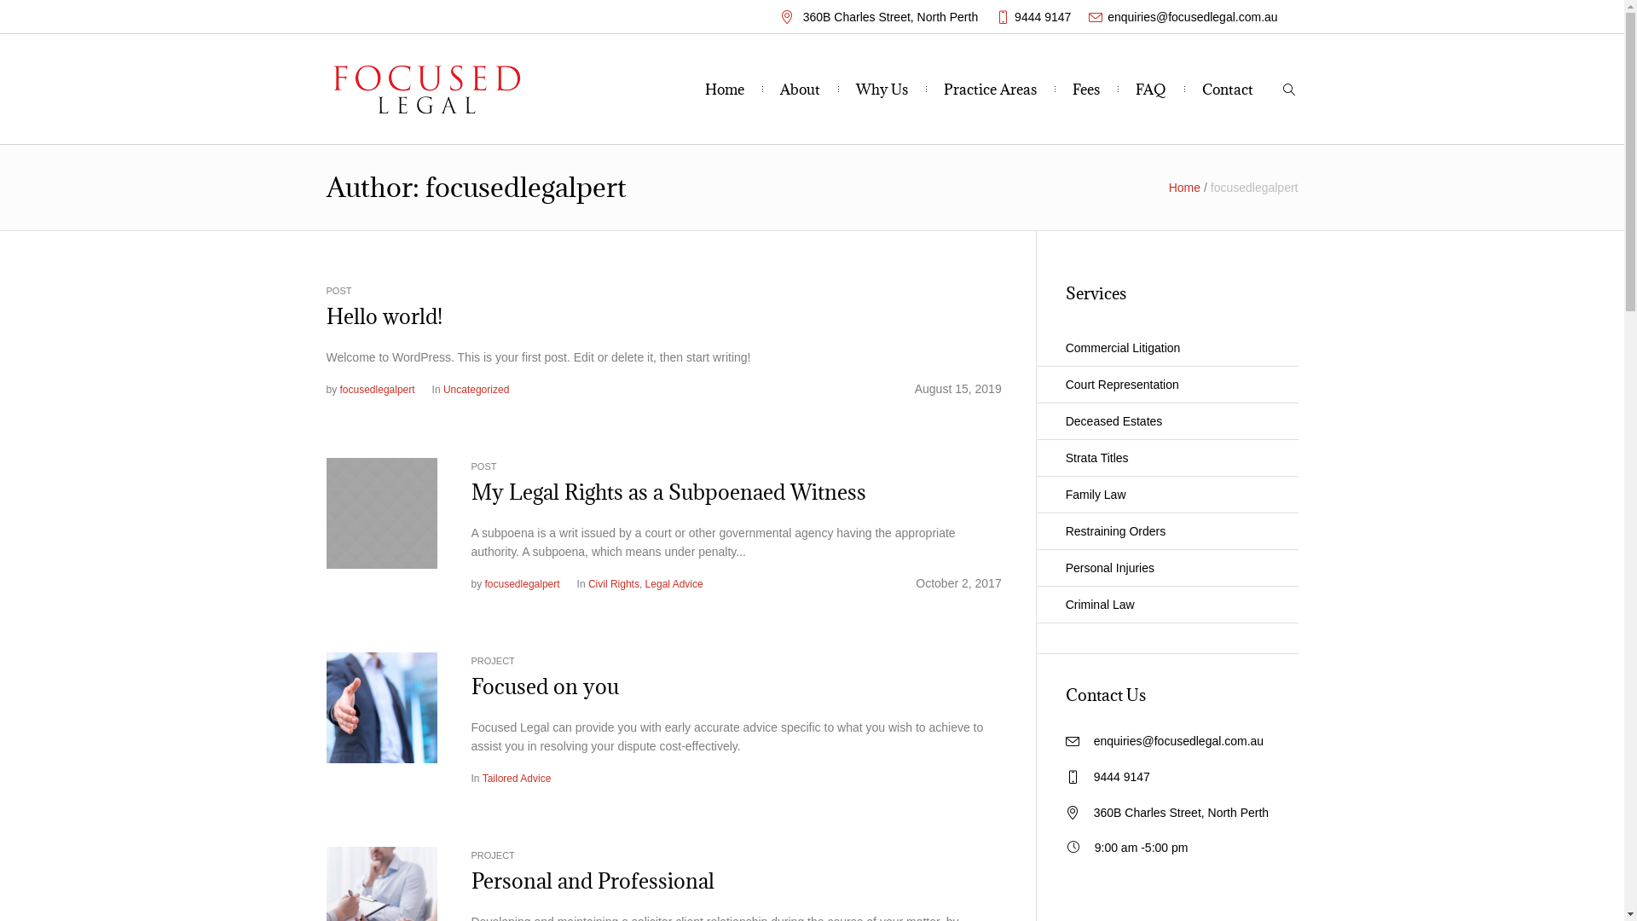 This screenshot has width=1637, height=921. I want to click on 'Family Law', so click(1166, 495).